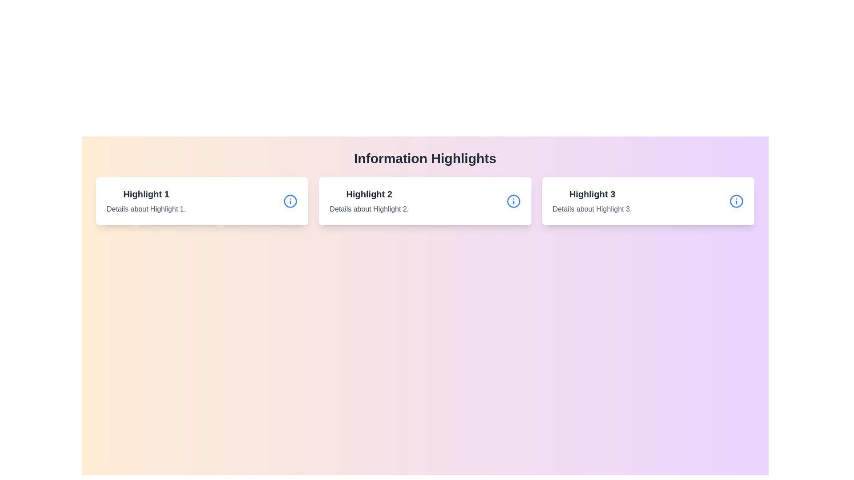  What do you see at coordinates (592, 201) in the screenshot?
I see `title 'Highlight 3' and the description 'Details about Highlight 3.' from the card-like element positioned in the center of the interface, between 'Highlight 2' and an informational icon` at bounding box center [592, 201].